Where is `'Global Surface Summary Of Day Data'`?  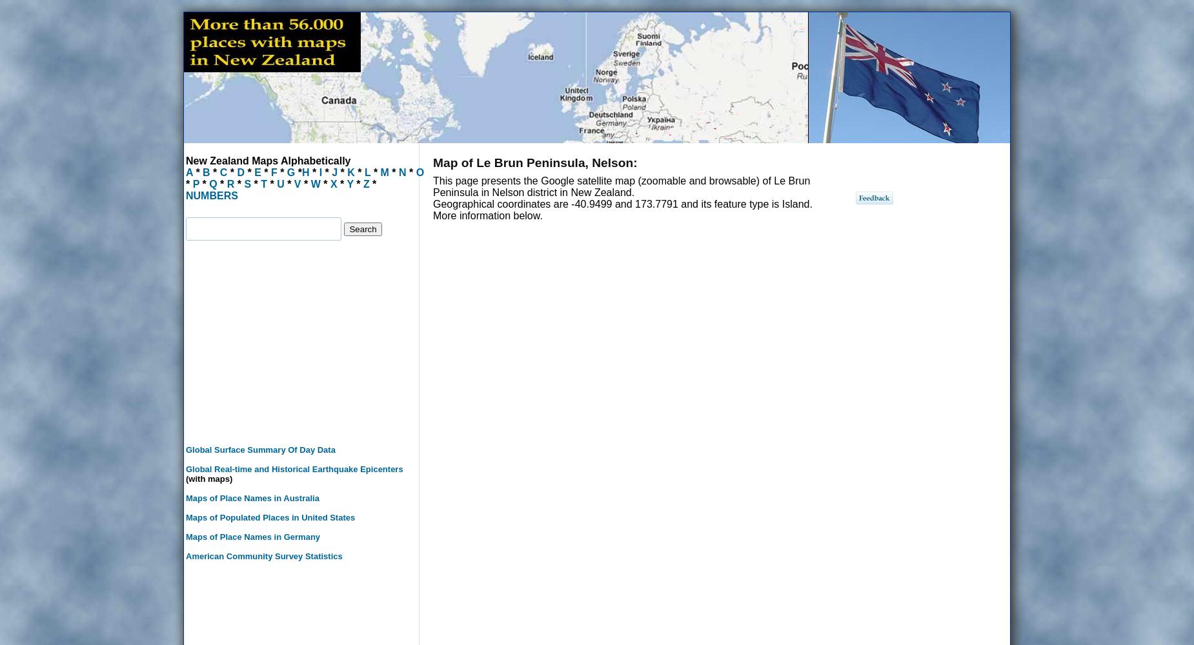
'Global Surface Summary Of Day Data' is located at coordinates (259, 449).